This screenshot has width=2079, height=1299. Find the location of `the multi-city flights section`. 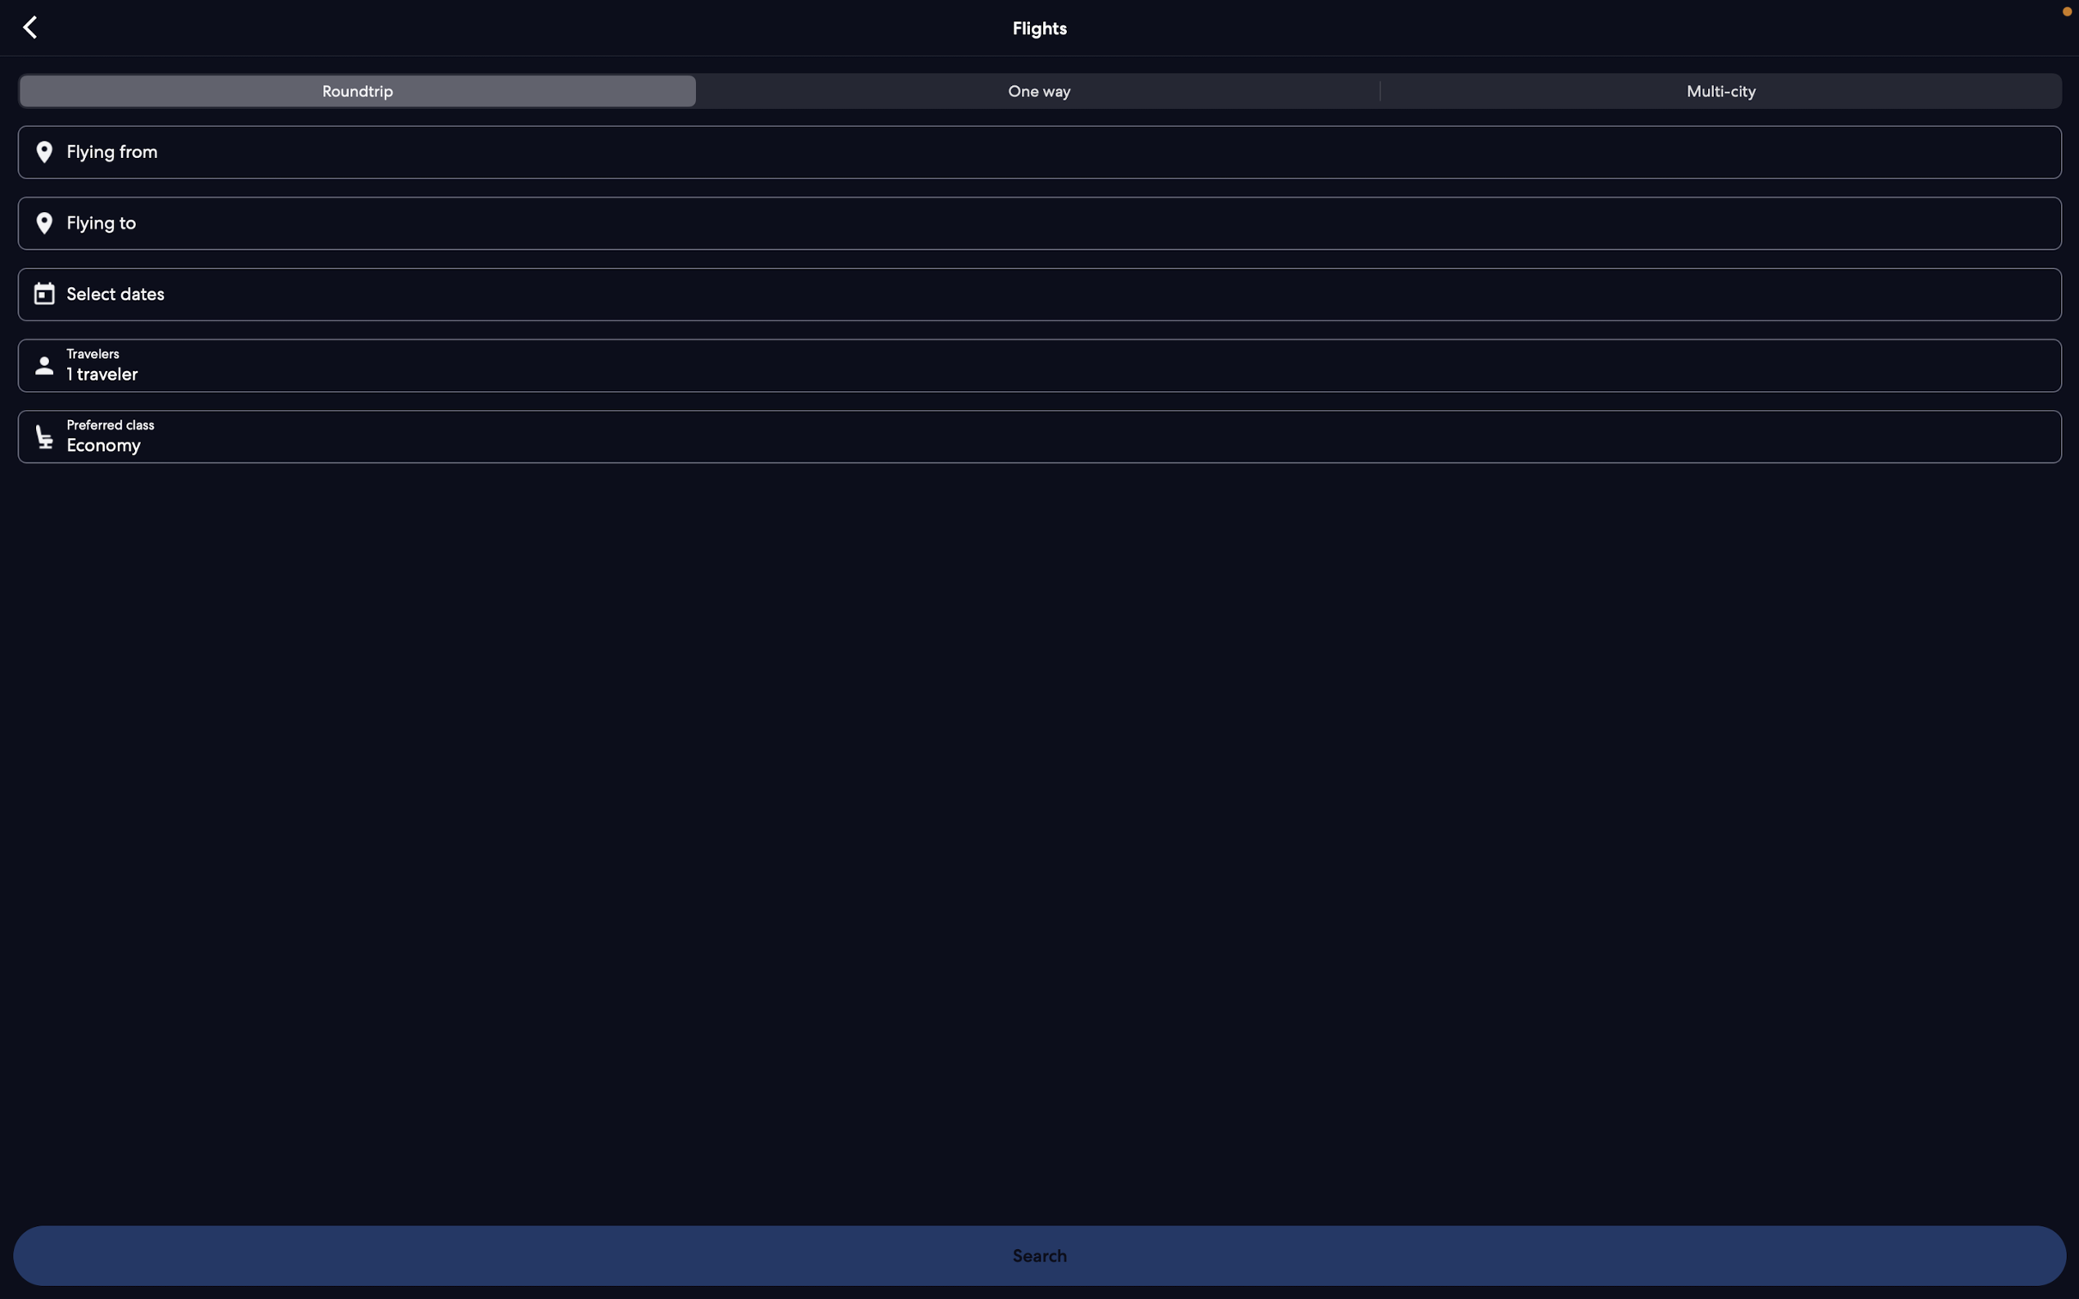

the multi-city flights section is located at coordinates (1716, 94).